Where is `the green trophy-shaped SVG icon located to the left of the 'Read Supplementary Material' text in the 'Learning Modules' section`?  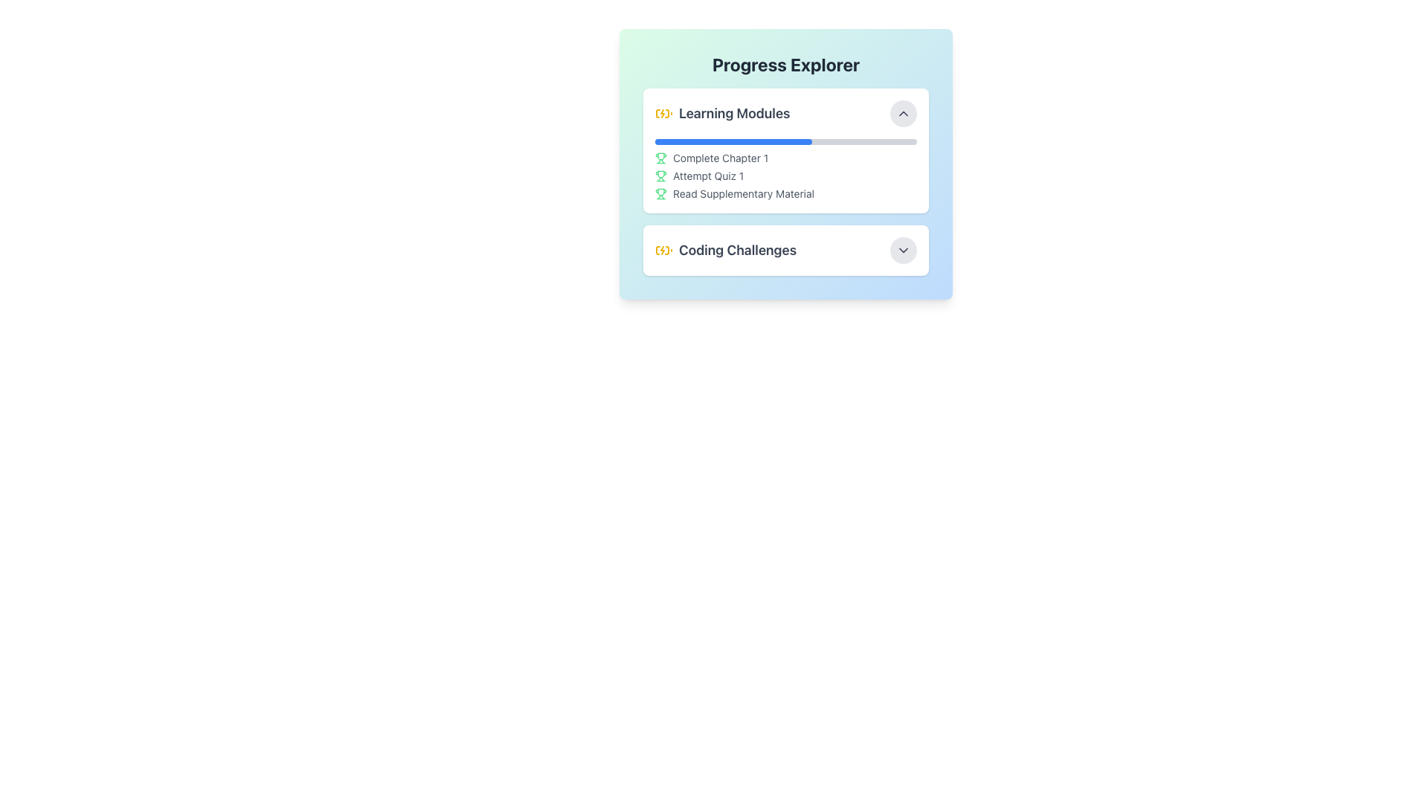
the green trophy-shaped SVG icon located to the left of the 'Read Supplementary Material' text in the 'Learning Modules' section is located at coordinates (660, 191).